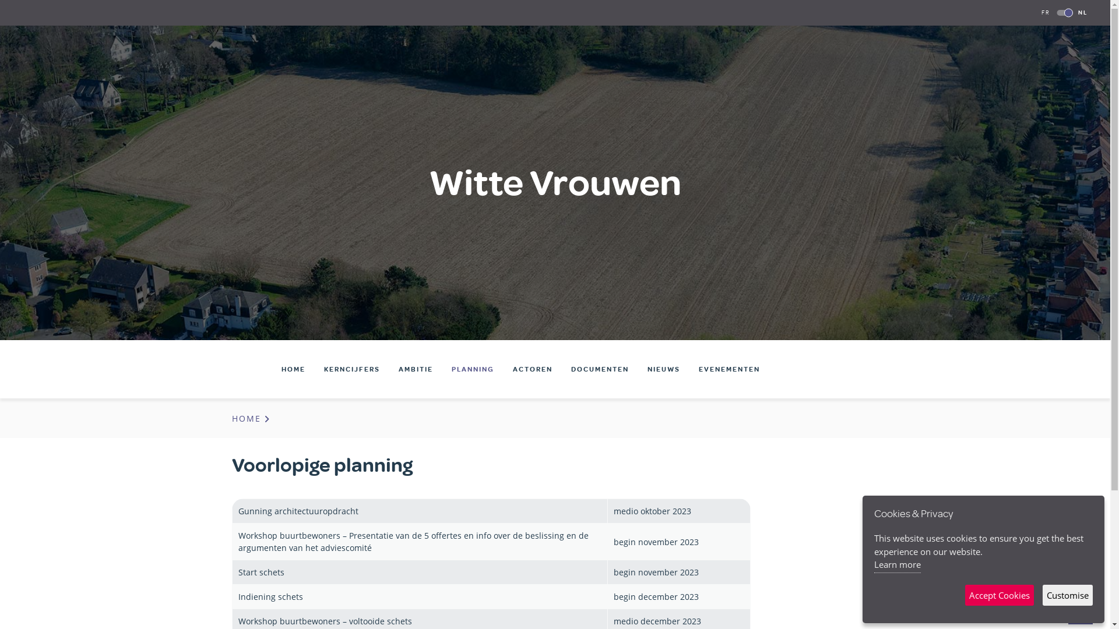 The height and width of the screenshot is (629, 1119). I want to click on 'Learn more', so click(874, 565).